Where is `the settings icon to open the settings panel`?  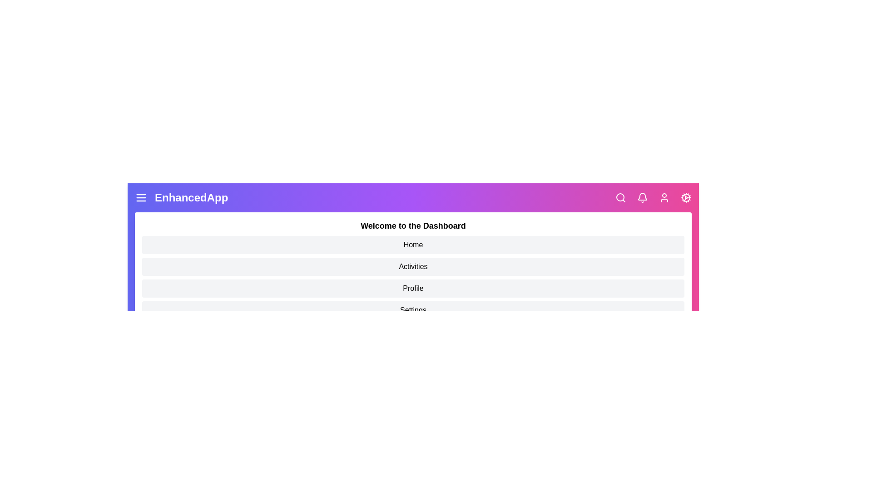 the settings icon to open the settings panel is located at coordinates (686, 197).